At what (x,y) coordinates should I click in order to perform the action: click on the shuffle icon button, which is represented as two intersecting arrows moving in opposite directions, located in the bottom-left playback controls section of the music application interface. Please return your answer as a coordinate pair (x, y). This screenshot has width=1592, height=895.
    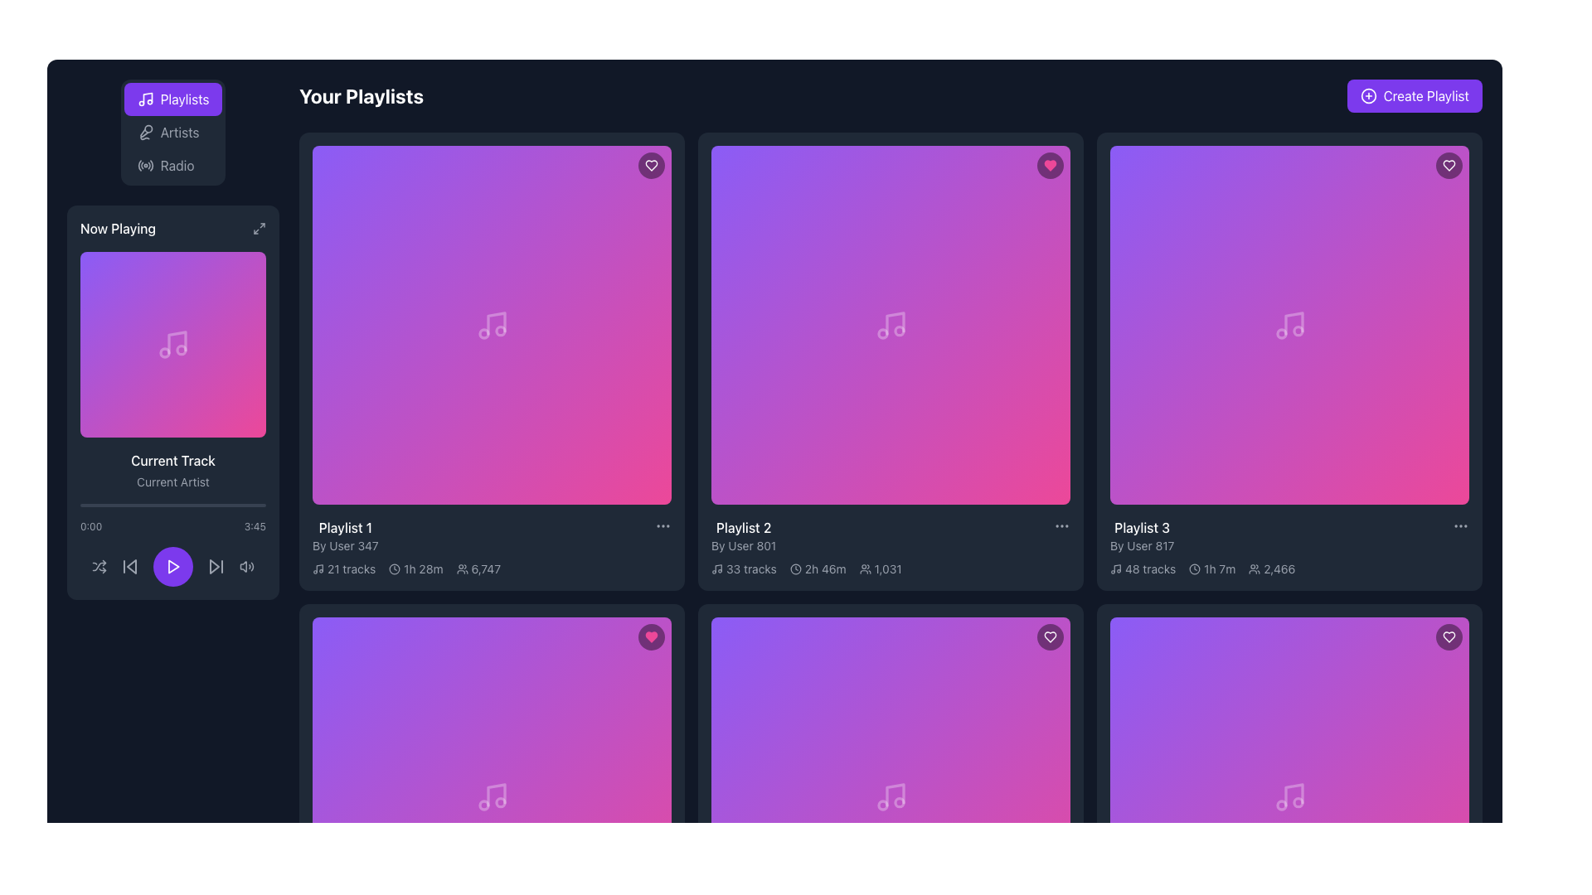
    Looking at the image, I should click on (99, 565).